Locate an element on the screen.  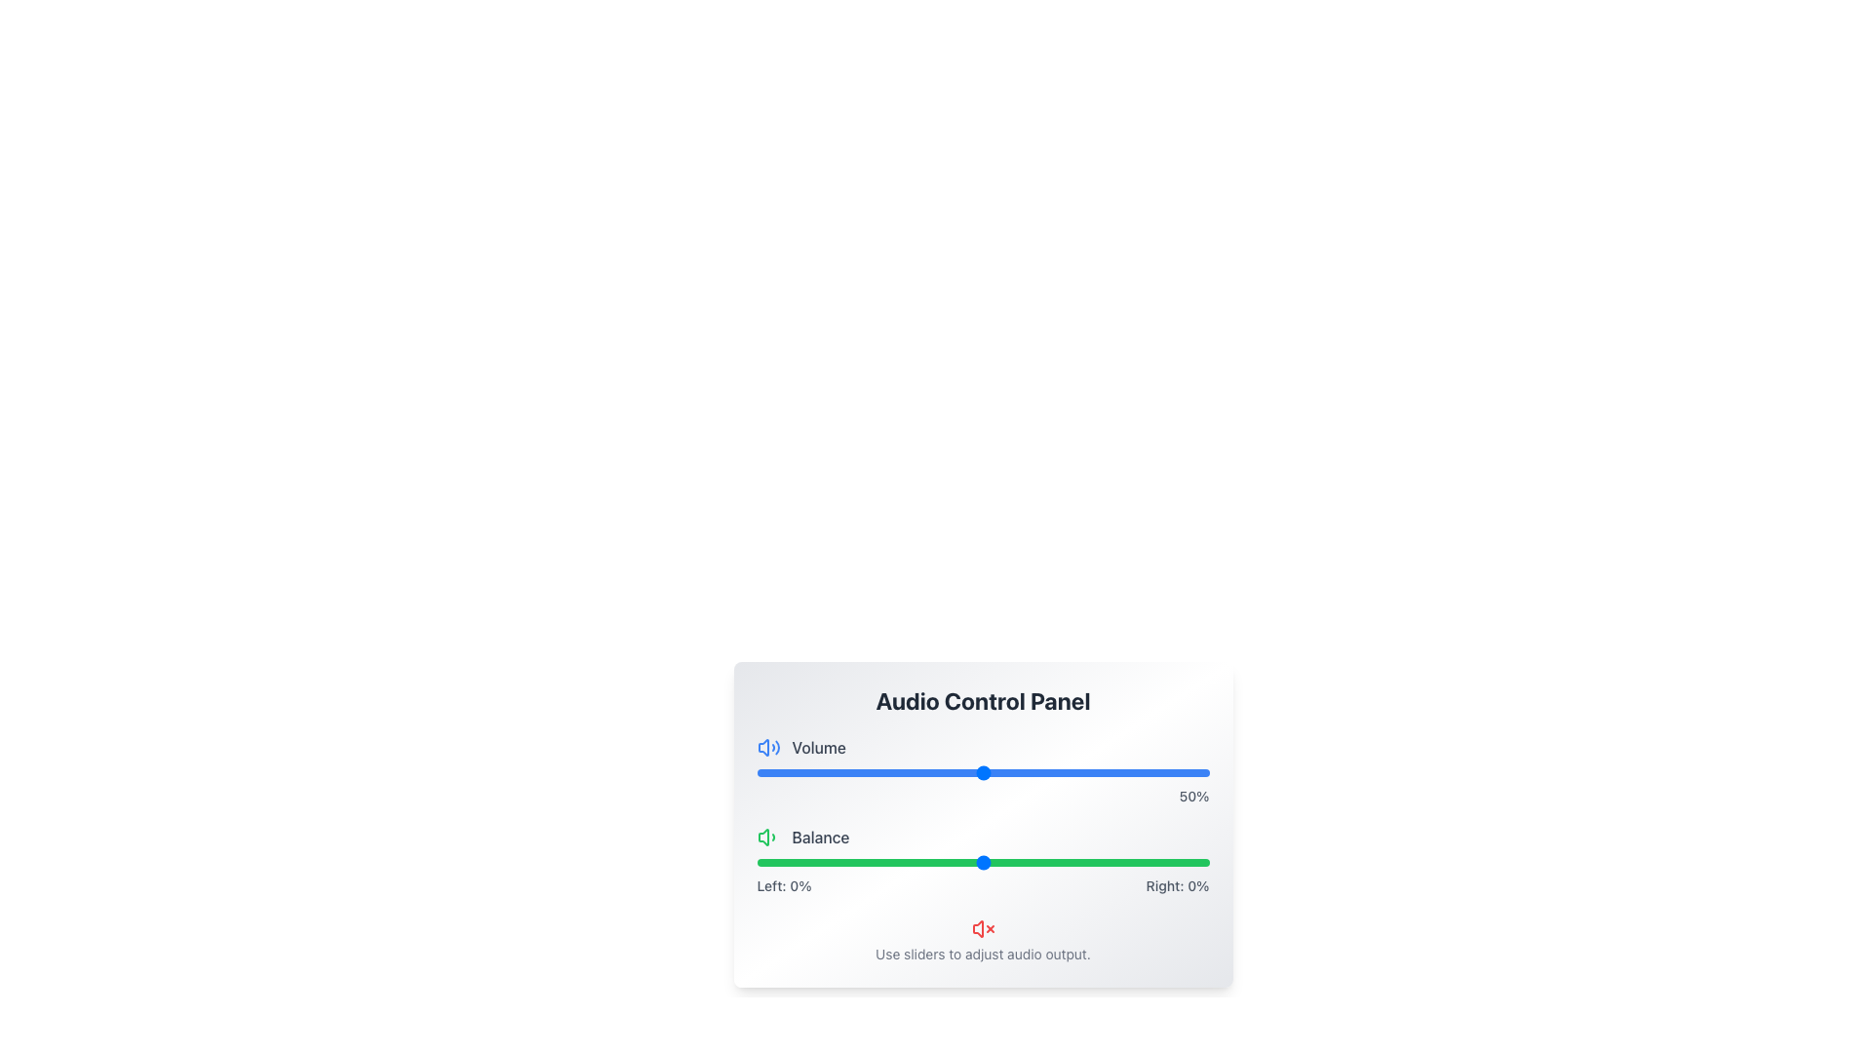
the balance is located at coordinates (983, 861).